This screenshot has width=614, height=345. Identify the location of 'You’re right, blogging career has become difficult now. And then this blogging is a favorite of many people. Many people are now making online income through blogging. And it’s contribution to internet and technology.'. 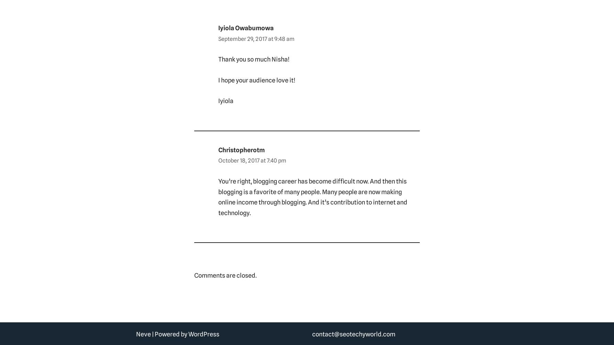
(313, 197).